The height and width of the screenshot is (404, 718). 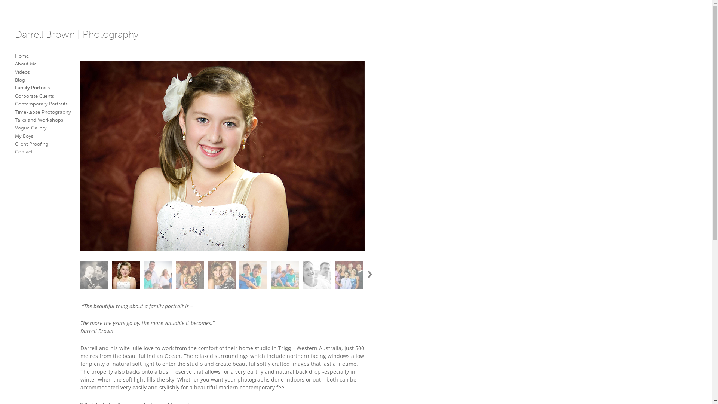 What do you see at coordinates (24, 151) in the screenshot?
I see `'Contact'` at bounding box center [24, 151].